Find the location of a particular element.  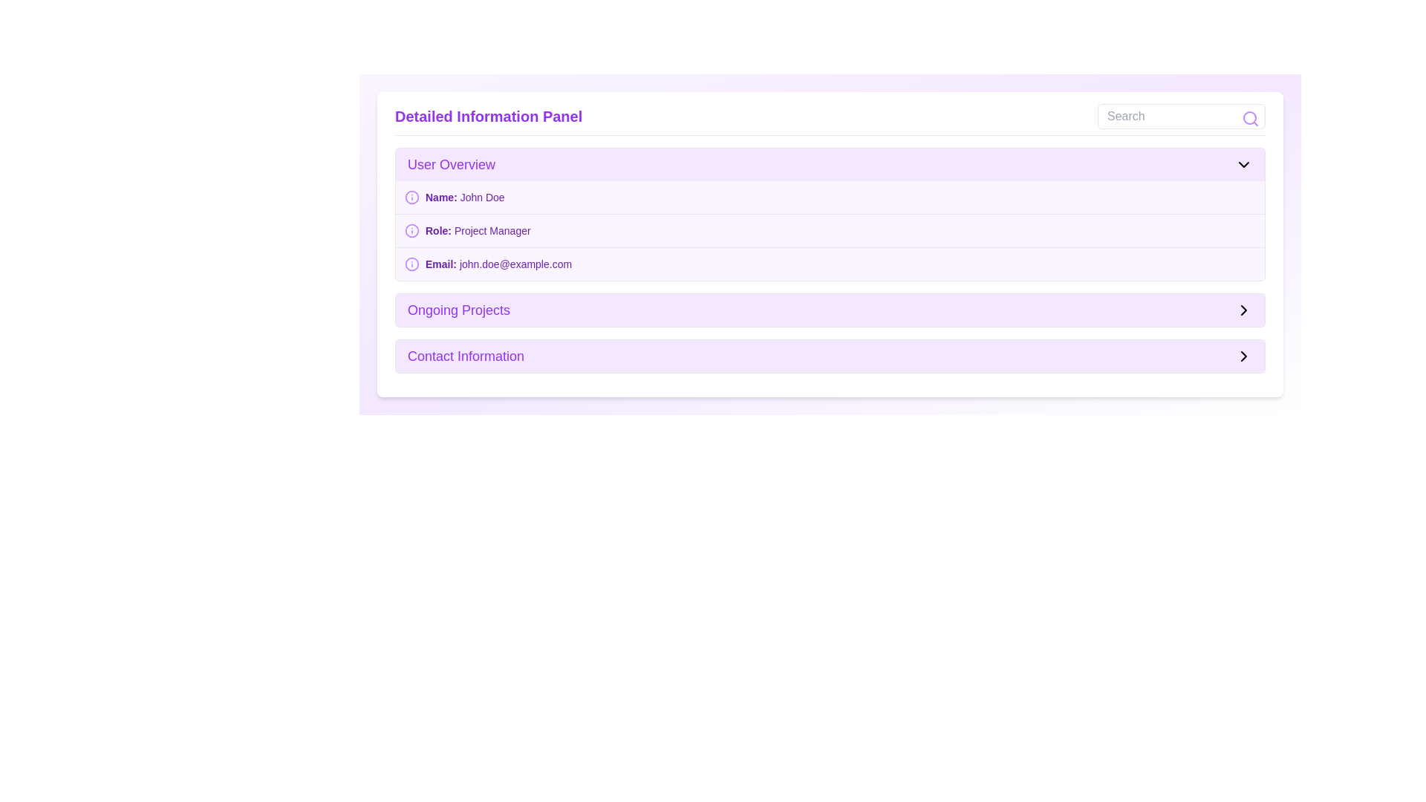

the label indicating user information in the Detailed Information Panel, positioned before the chevron icon pointing downward is located at coordinates (451, 165).